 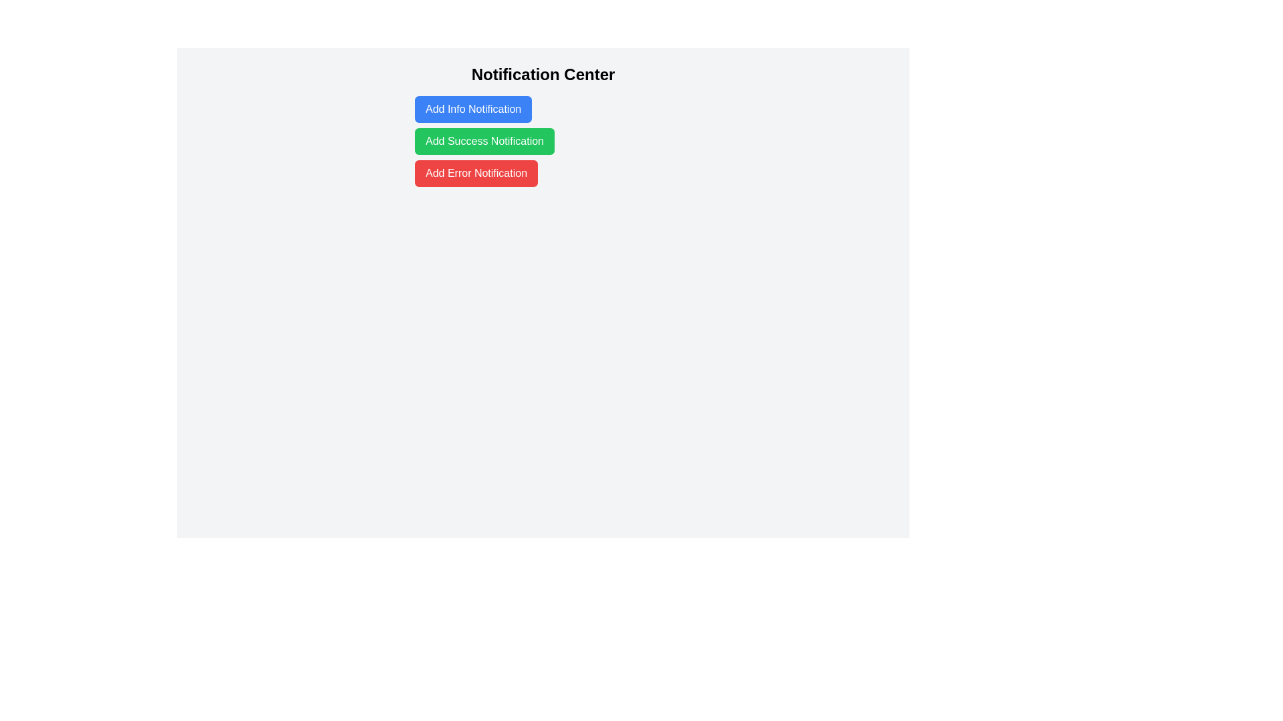 I want to click on the button located below the 'Notification Center' heading, which is the first in a vertical stack of three buttons aligned to the left, so click(x=473, y=109).